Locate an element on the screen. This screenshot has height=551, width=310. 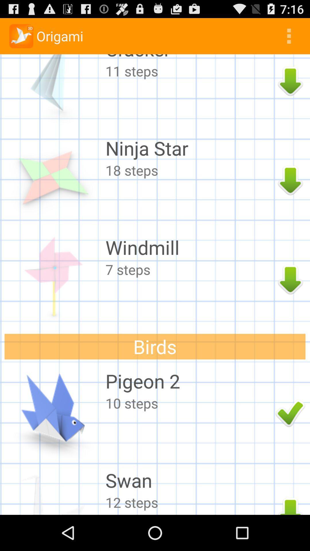
11 steps item is located at coordinates (189, 71).